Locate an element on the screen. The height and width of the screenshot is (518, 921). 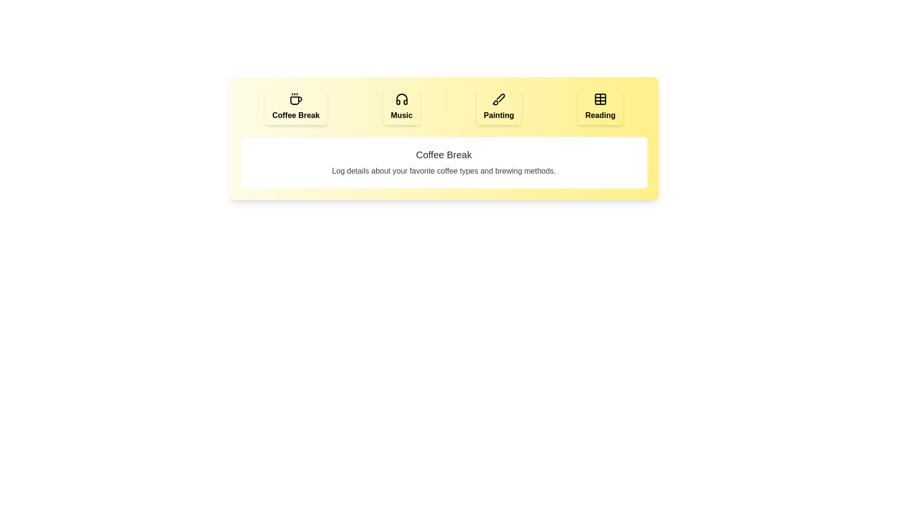
the static text display that shows 'Log details about your favorite coffee types and brewing methods.' which is positioned beneath the heading 'Coffee Break.' is located at coordinates (443, 171).